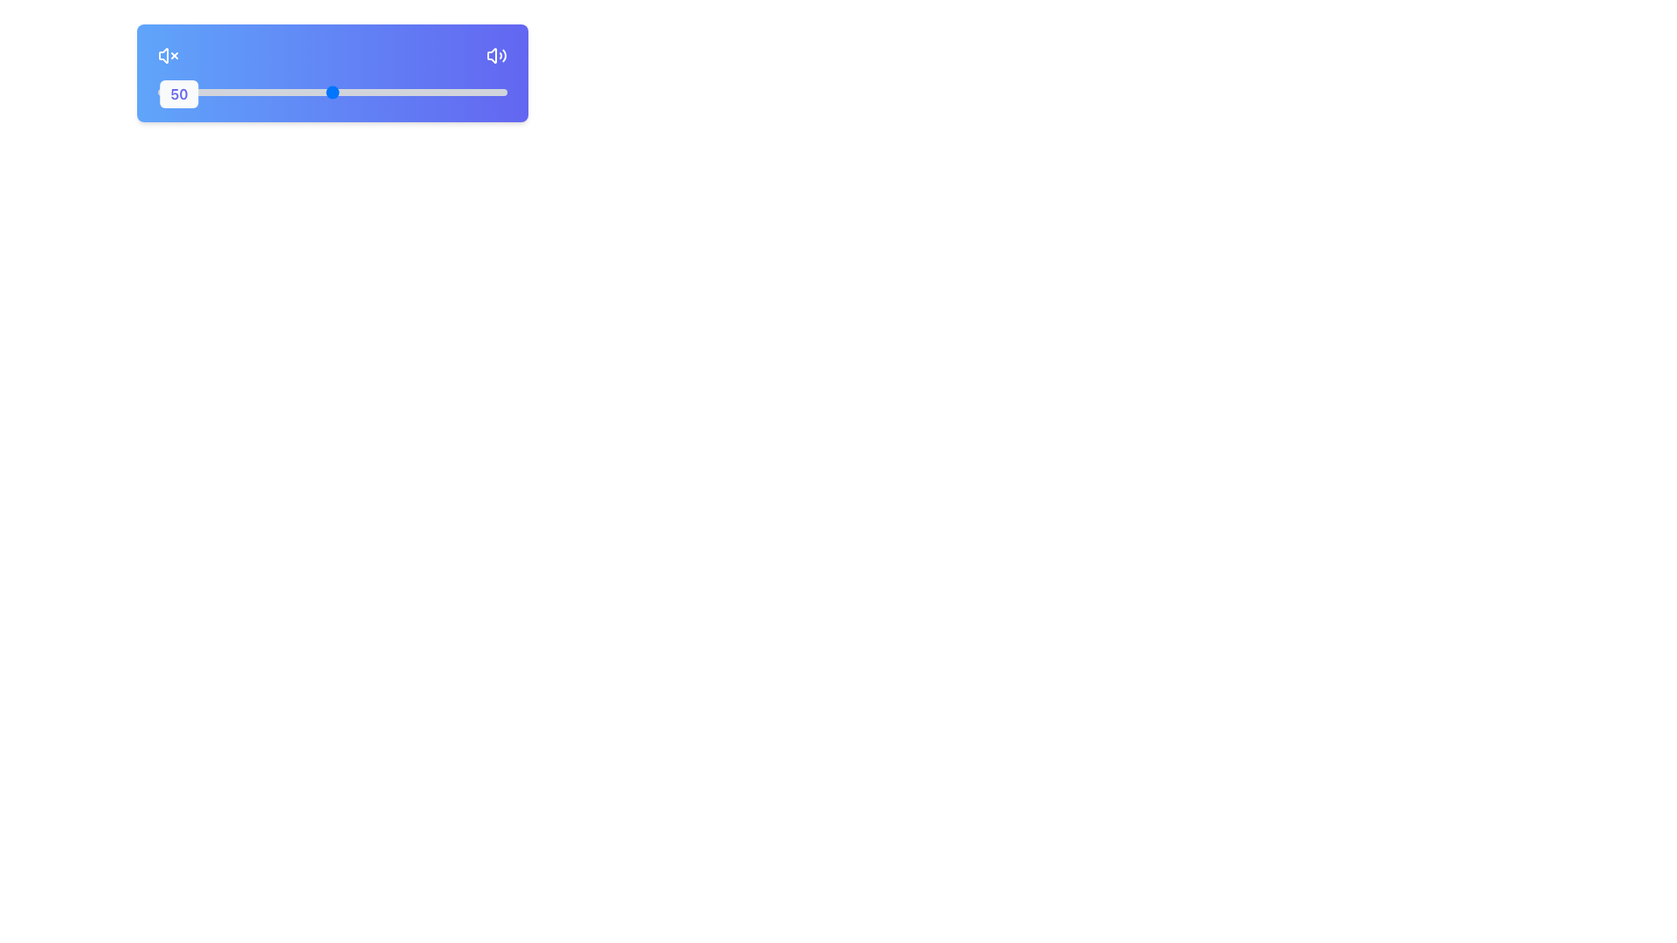  I want to click on the slider, so click(268, 92).